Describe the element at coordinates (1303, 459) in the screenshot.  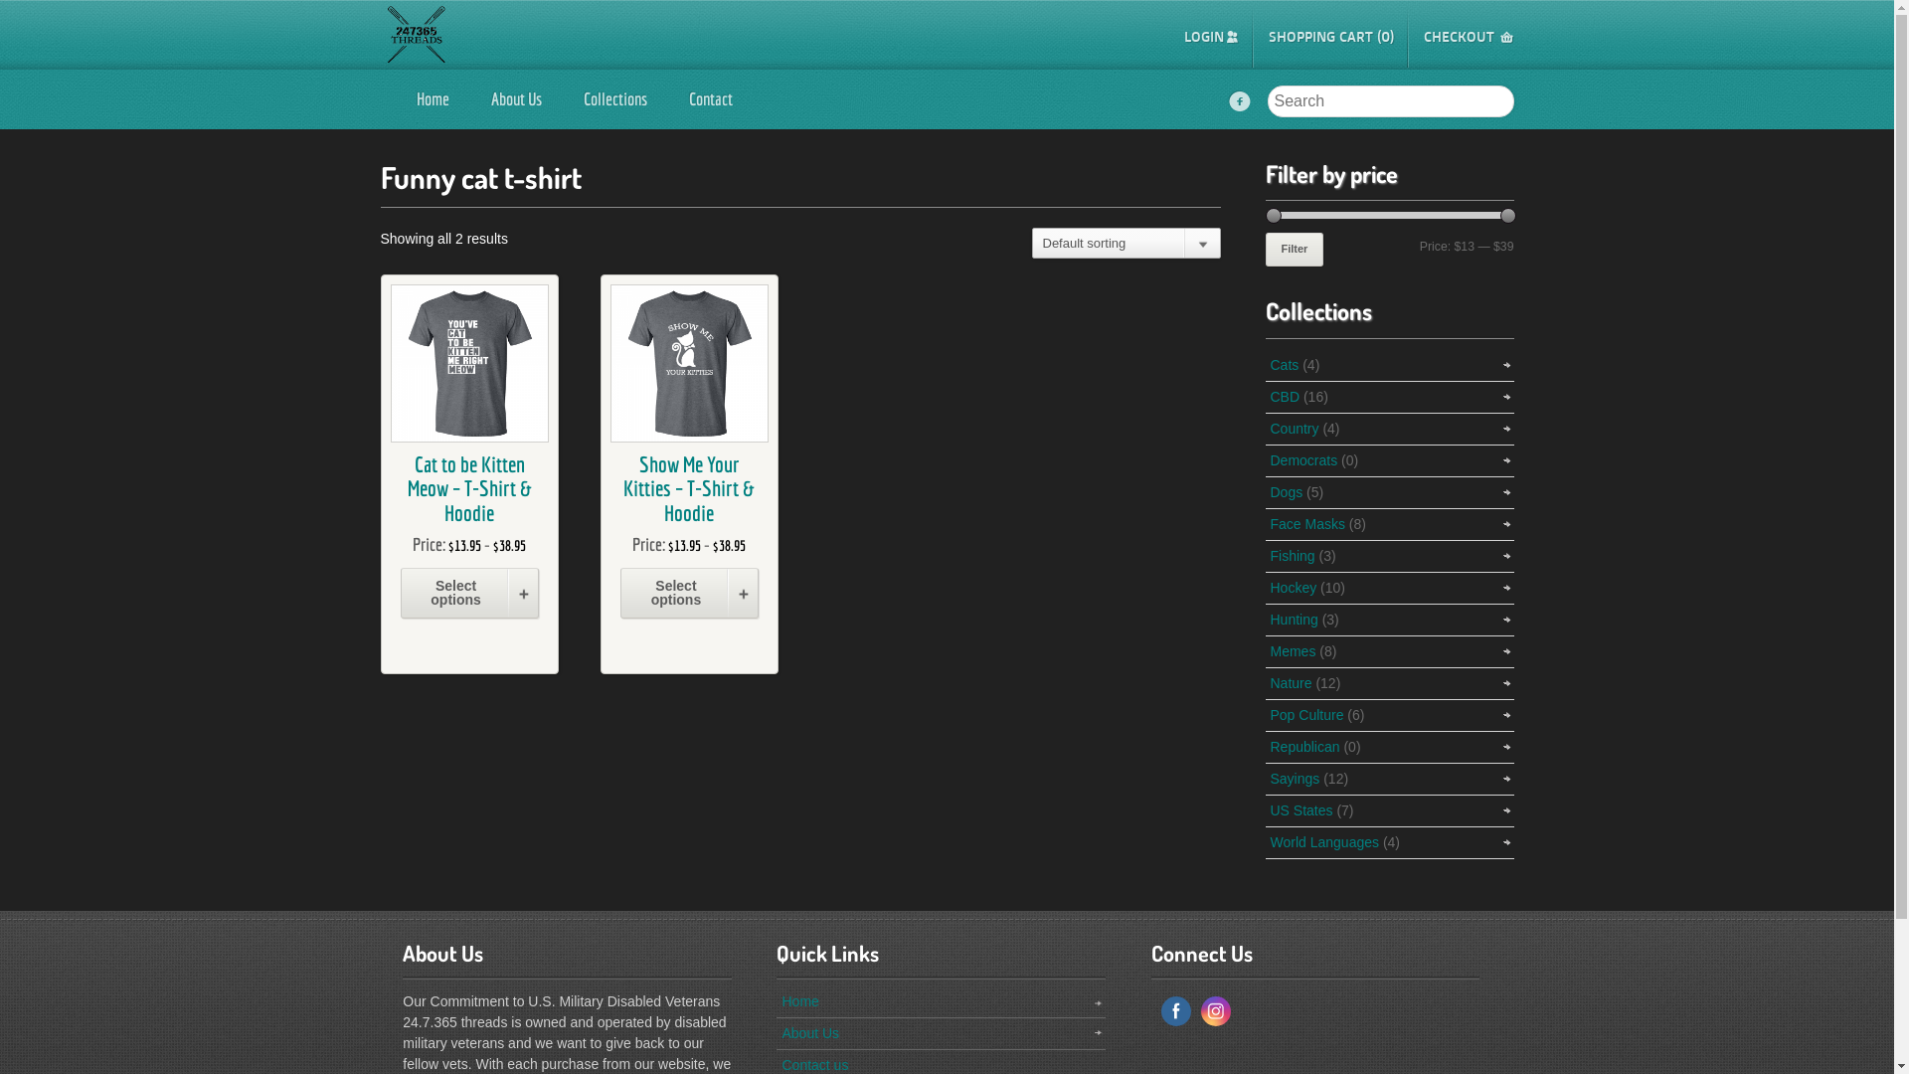
I see `'Democrats'` at that location.